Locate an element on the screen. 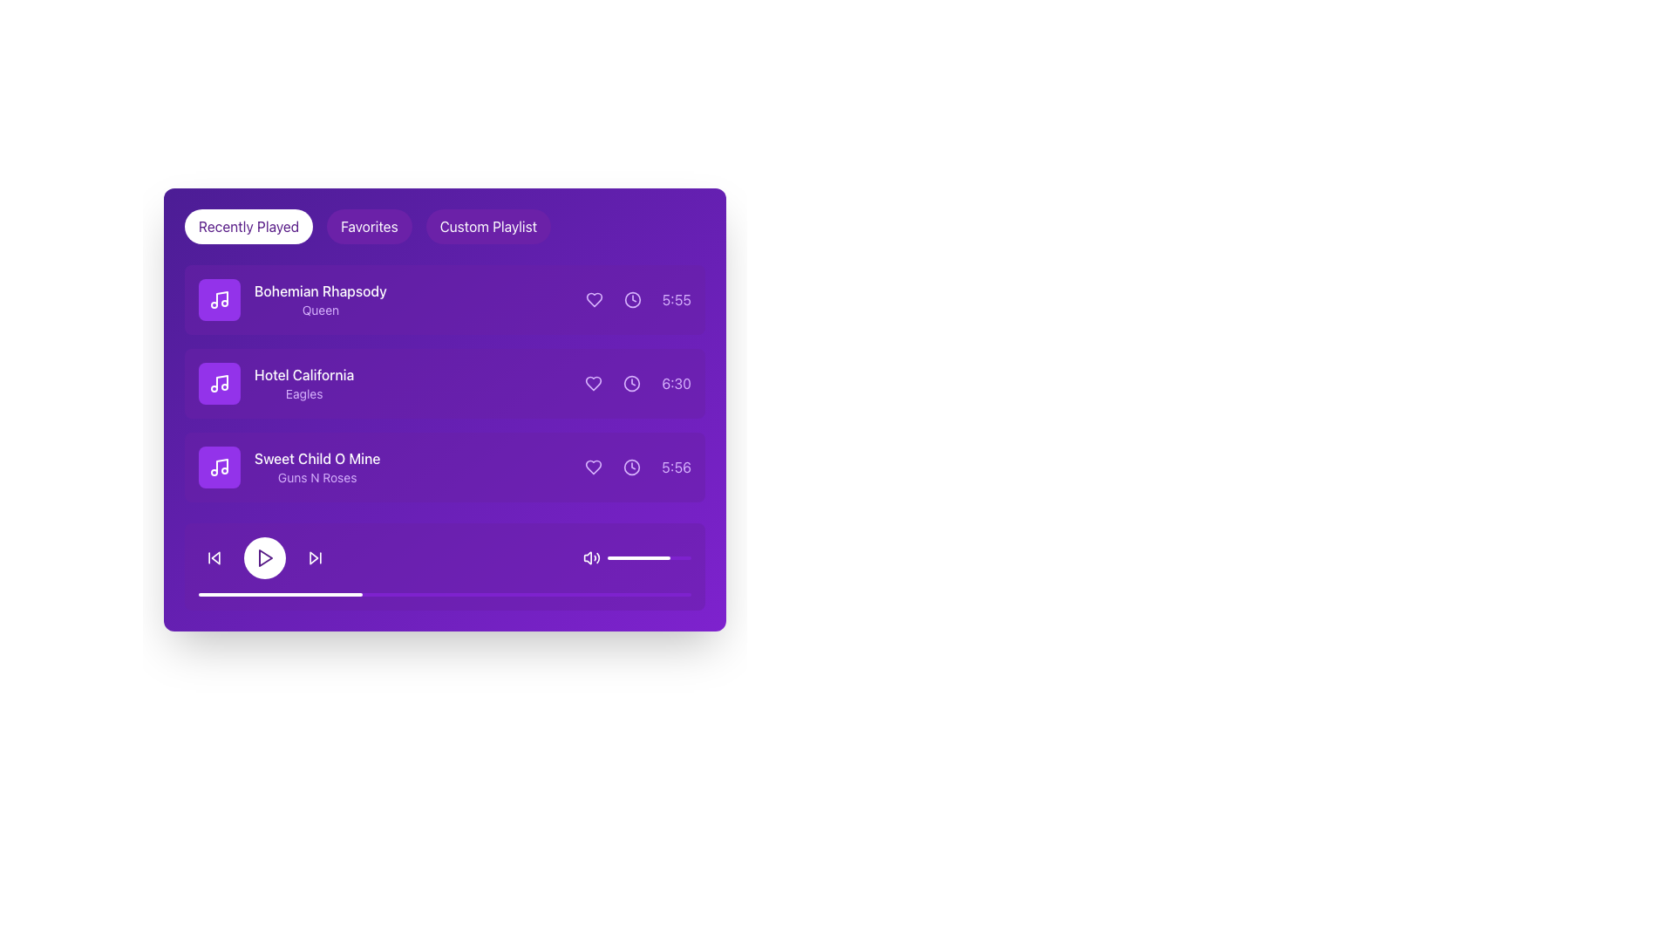 This screenshot has height=942, width=1674. the visual changes of the unfilled portion of the progress bar segment located in the lower-right portion of the interface, framed by audio controls is located at coordinates (638, 558).